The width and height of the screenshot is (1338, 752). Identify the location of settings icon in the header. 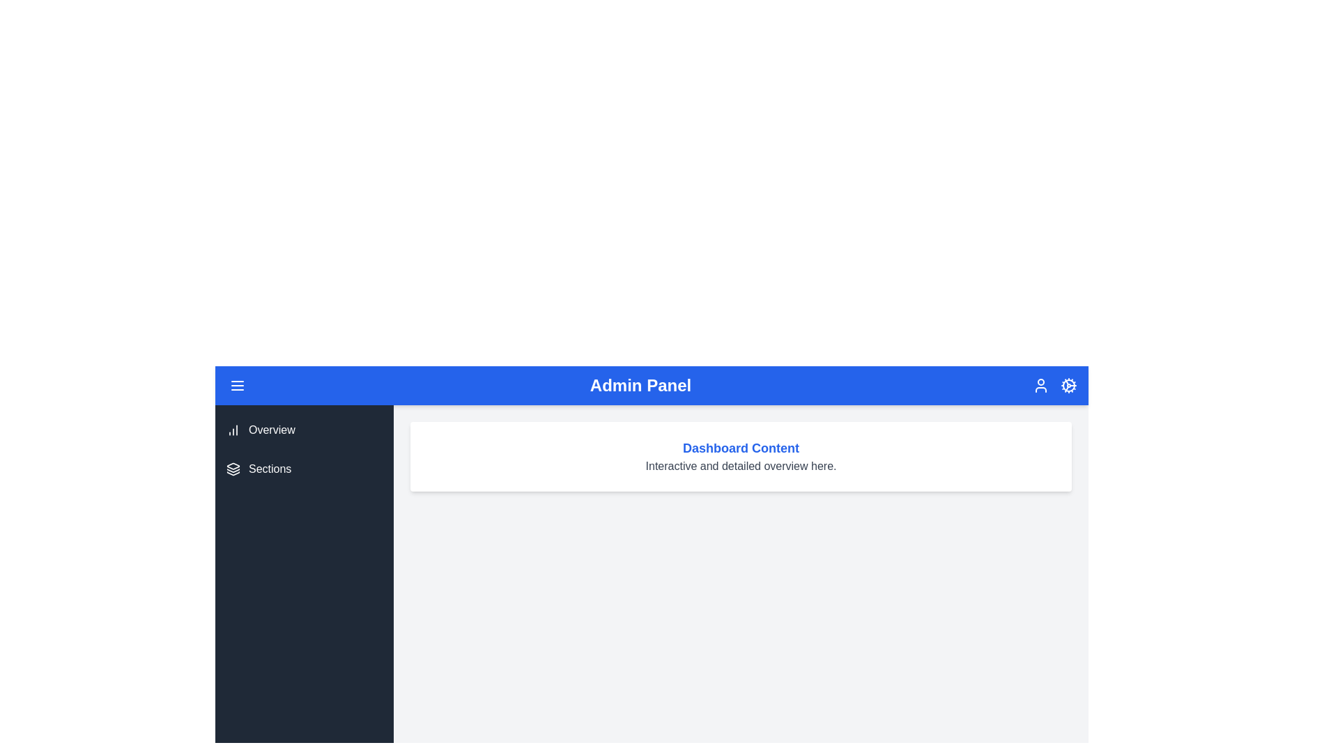
(1068, 386).